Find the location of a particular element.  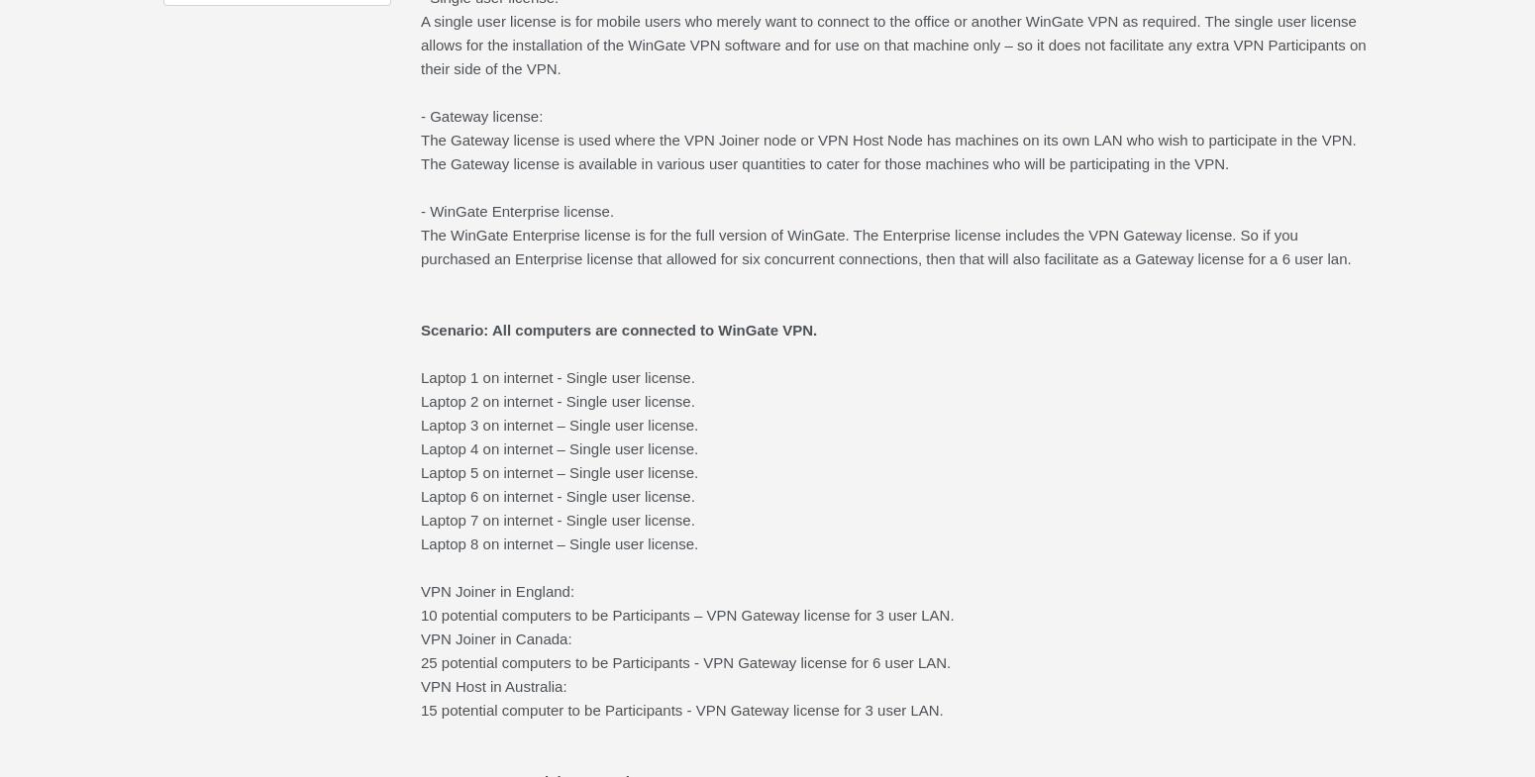

'VPN Host in Australia:' is located at coordinates (492, 686).